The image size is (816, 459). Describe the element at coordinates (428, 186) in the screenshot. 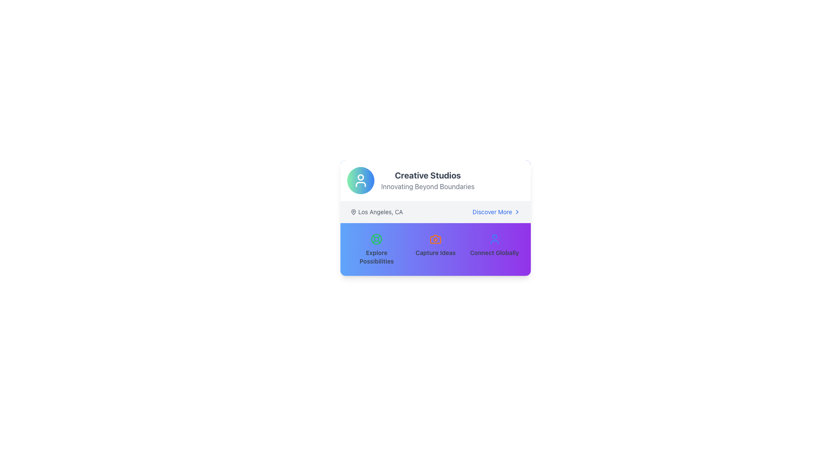

I see `the static text element displaying 'Innovating Beyond Boundaries', which is styled in lighter gray and positioned below the title 'Creative Studios'` at that location.